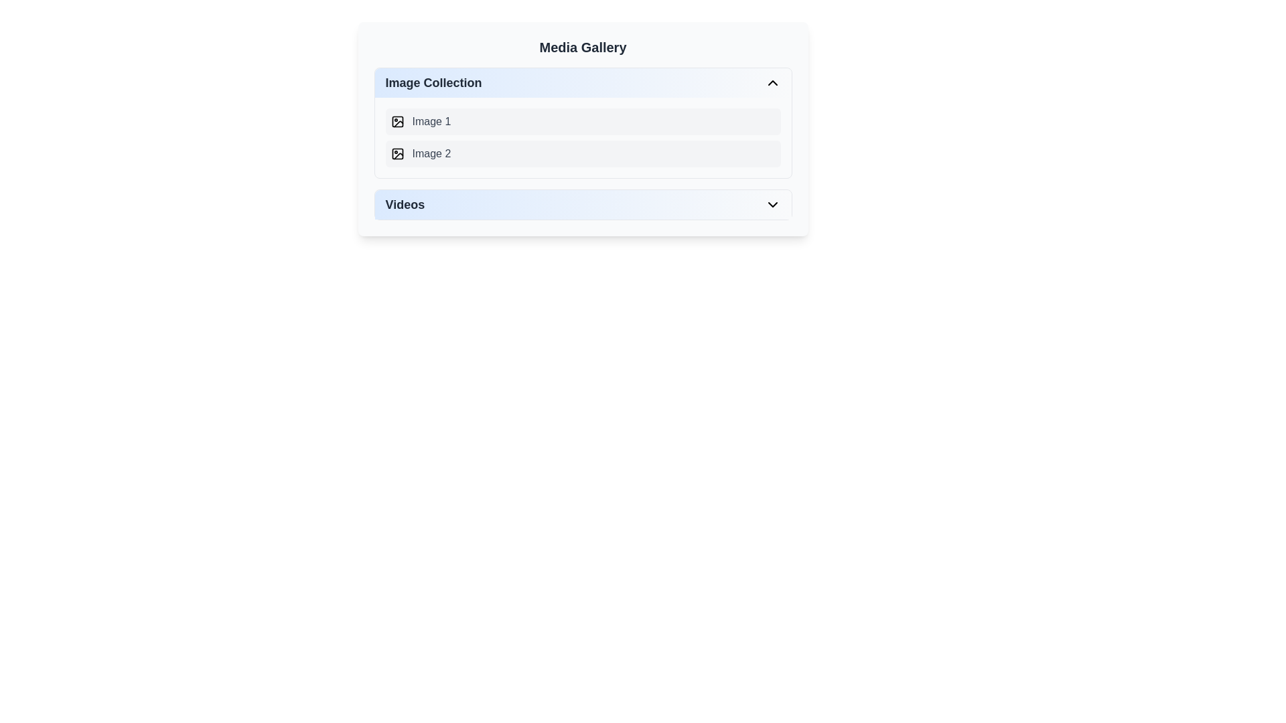 The height and width of the screenshot is (723, 1286). What do you see at coordinates (431, 153) in the screenshot?
I see `the text label describing an image in the 'Image Collection' list, which is the second item and located to the right of an image placeholder icon` at bounding box center [431, 153].